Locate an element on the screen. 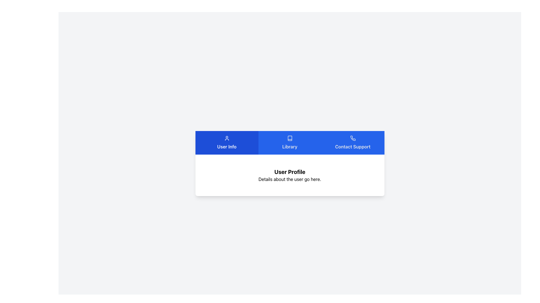  the 'Library' navigation text label, which is positioned between the 'User Info' and 'Contact Support' items on the navigation bar is located at coordinates (290, 146).